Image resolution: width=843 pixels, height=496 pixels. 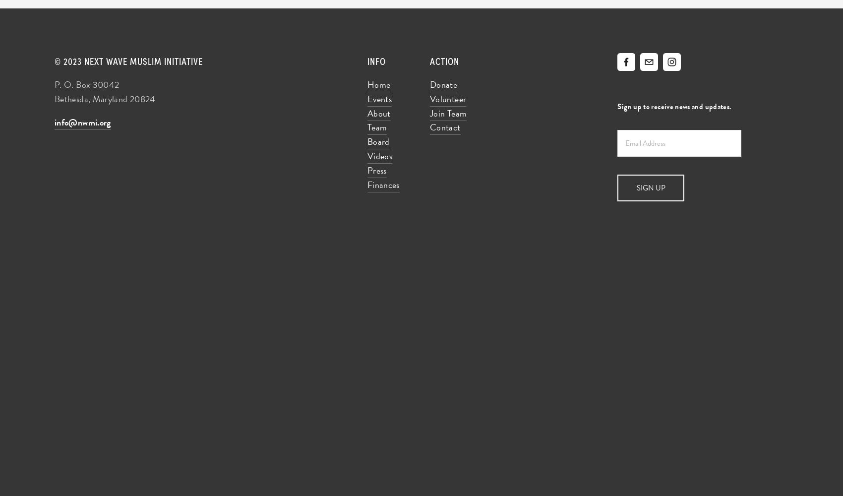 I want to click on 'Action', so click(x=444, y=60).